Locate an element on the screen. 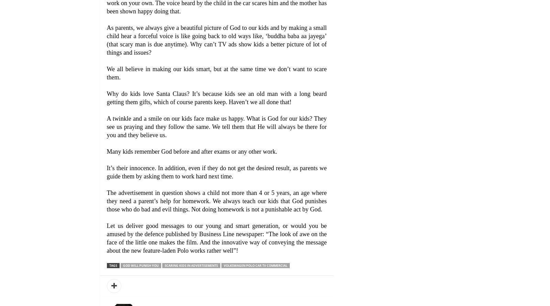 Image resolution: width=550 pixels, height=306 pixels. 'It’s their innocence. In addition, even if they do not get the desired result, as parents we guide them by asking them to work hard next time.' is located at coordinates (107, 172).